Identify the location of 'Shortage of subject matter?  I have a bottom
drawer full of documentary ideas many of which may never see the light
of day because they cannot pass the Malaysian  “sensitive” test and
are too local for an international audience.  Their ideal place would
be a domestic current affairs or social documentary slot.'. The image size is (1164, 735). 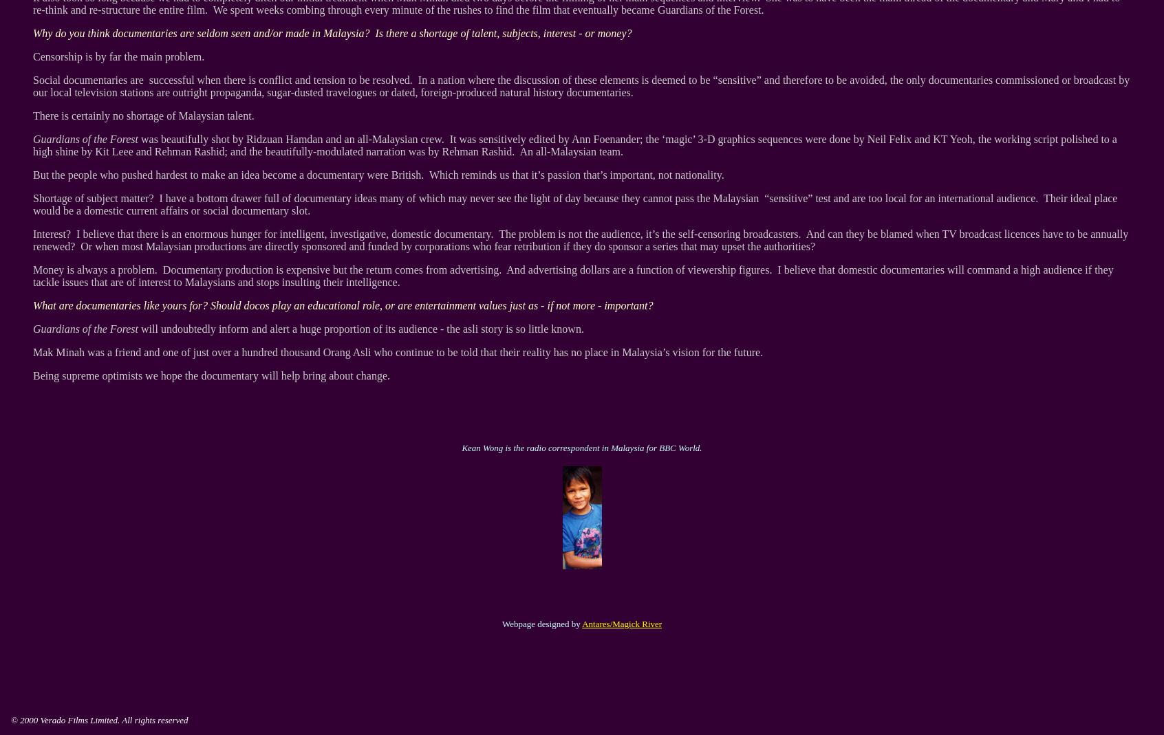
(32, 204).